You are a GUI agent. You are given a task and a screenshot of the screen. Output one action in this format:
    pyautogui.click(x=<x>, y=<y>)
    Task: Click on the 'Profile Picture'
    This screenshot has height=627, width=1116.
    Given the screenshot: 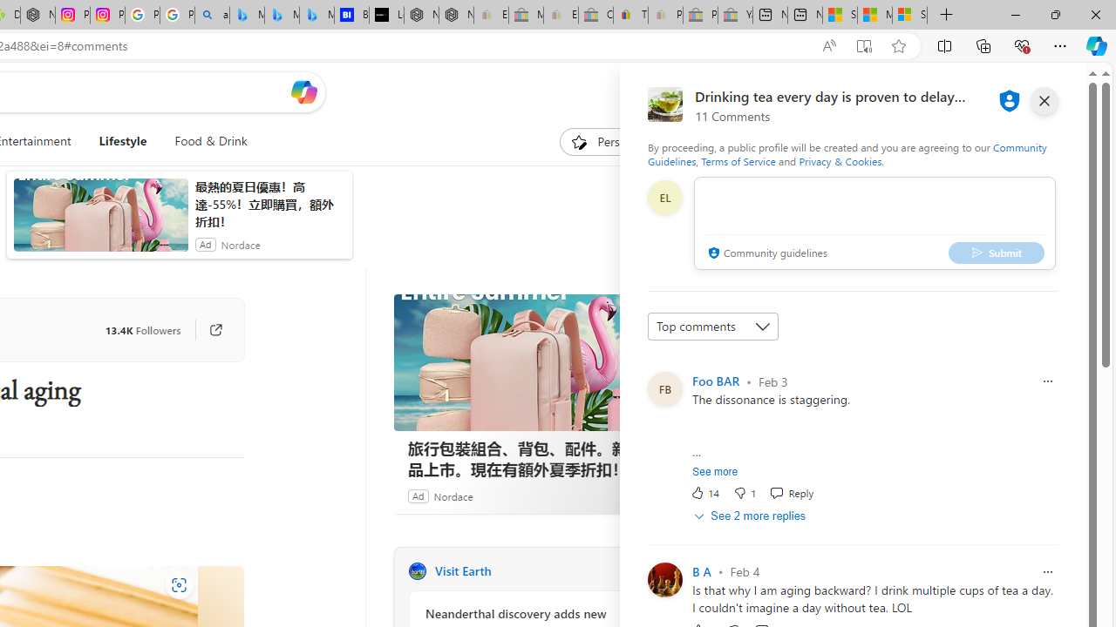 What is the action you would take?
    pyautogui.click(x=663, y=579)
    